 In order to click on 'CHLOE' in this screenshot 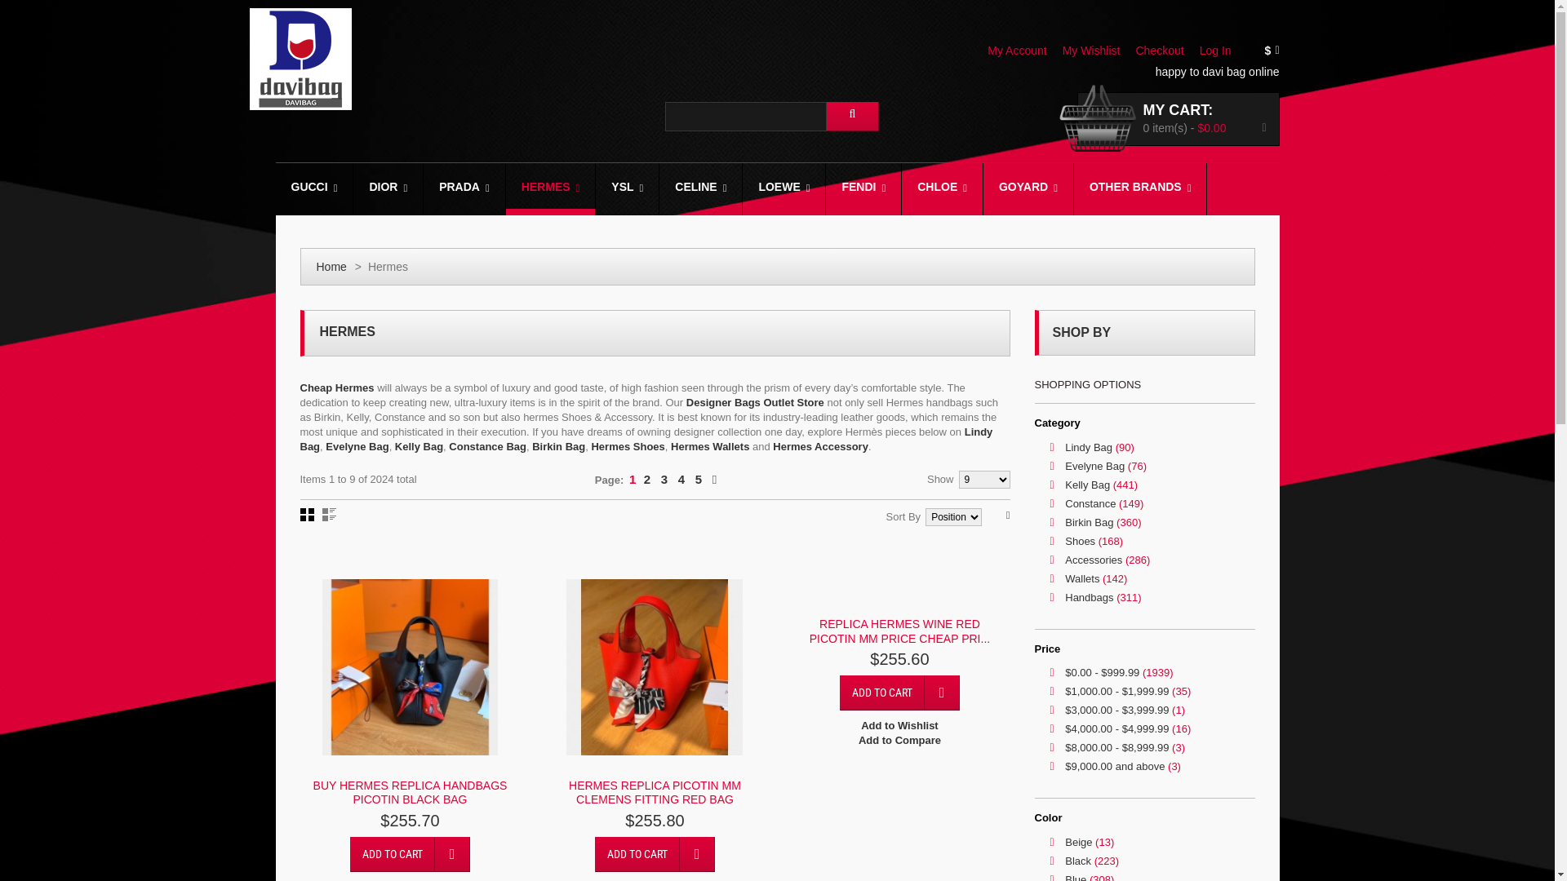, I will do `click(942, 188)`.